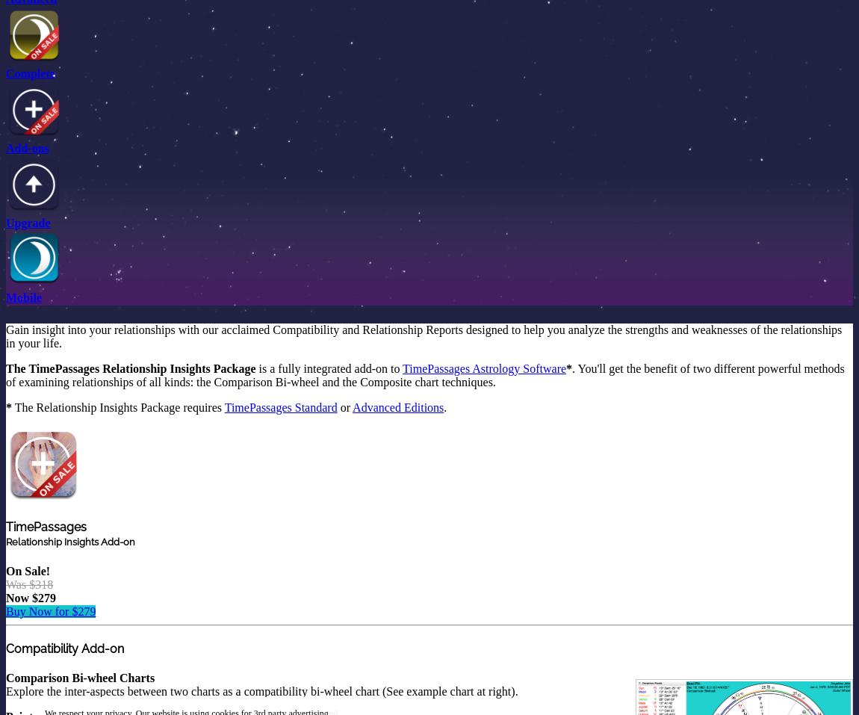 This screenshot has width=859, height=715. I want to click on 'Advanced Editions', so click(352, 407).